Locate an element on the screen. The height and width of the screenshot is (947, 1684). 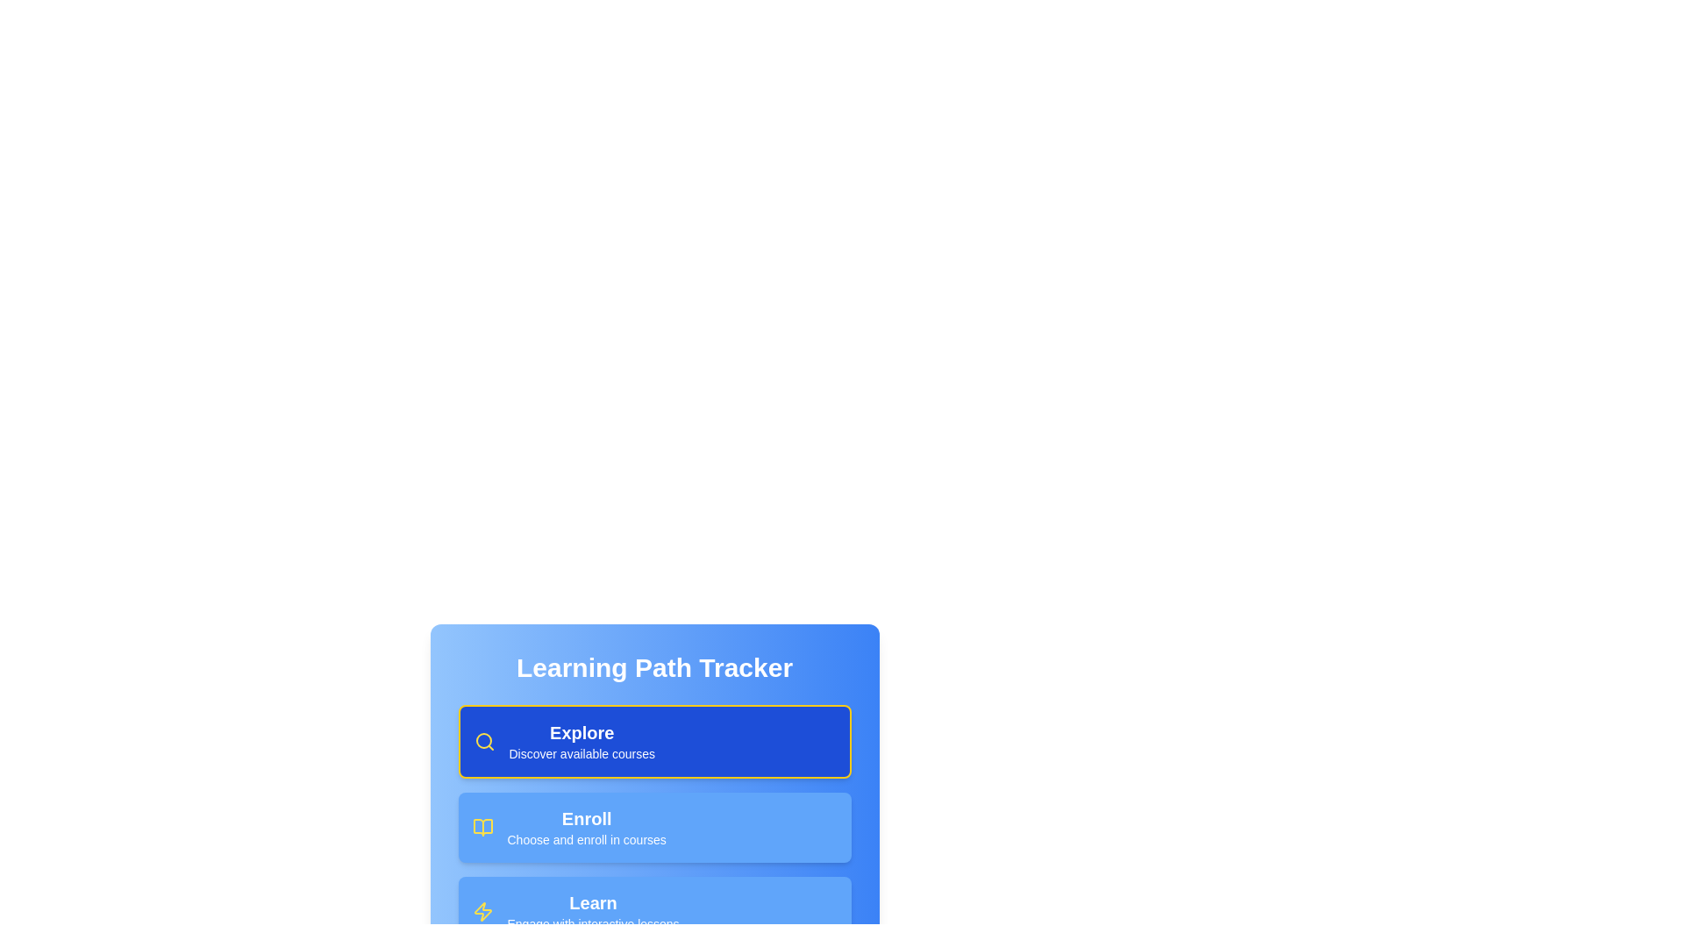
the second informational card that guides users to choose and enroll in courses, located between the 'Explore' and 'Learn' cards is located at coordinates (653, 828).